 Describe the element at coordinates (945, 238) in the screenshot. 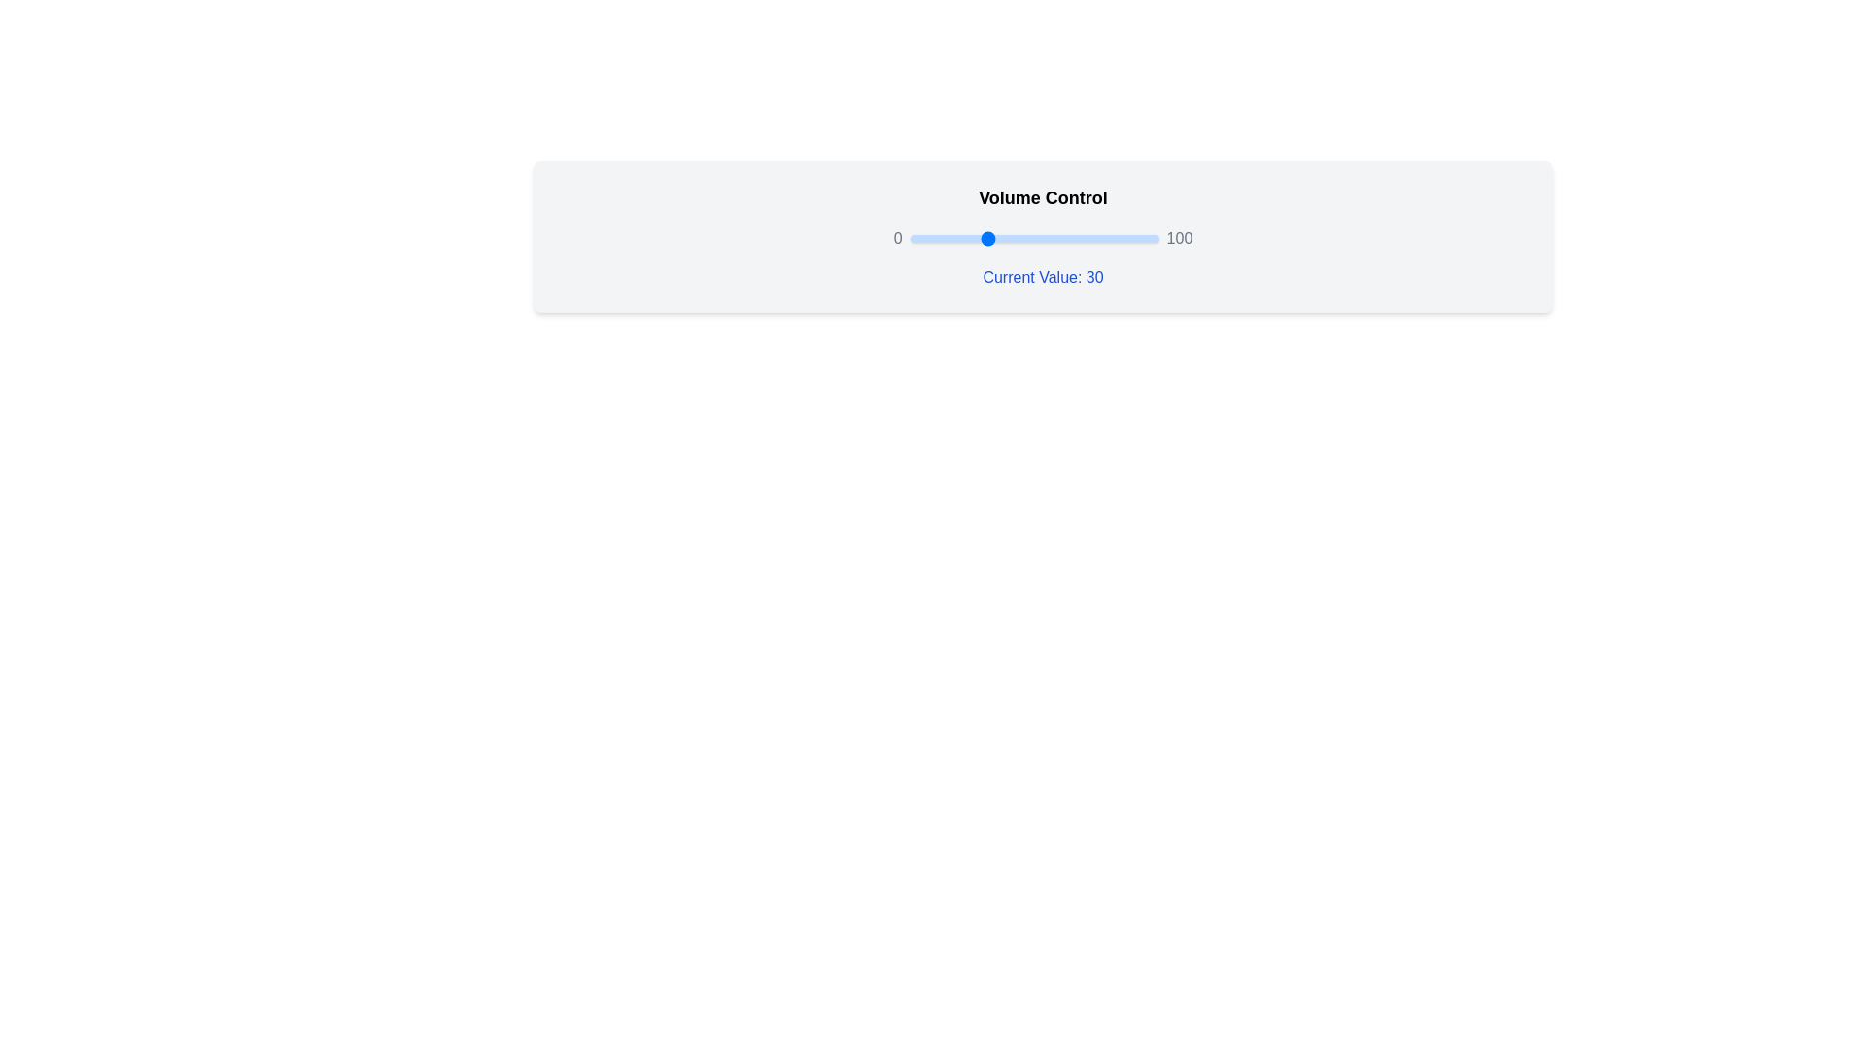

I see `the slider to set the volume to 14` at that location.